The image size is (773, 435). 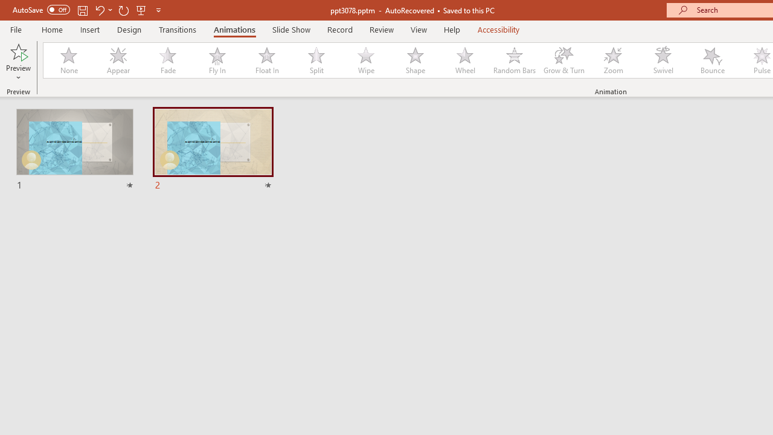 What do you see at coordinates (118, 60) in the screenshot?
I see `'Appear'` at bounding box center [118, 60].